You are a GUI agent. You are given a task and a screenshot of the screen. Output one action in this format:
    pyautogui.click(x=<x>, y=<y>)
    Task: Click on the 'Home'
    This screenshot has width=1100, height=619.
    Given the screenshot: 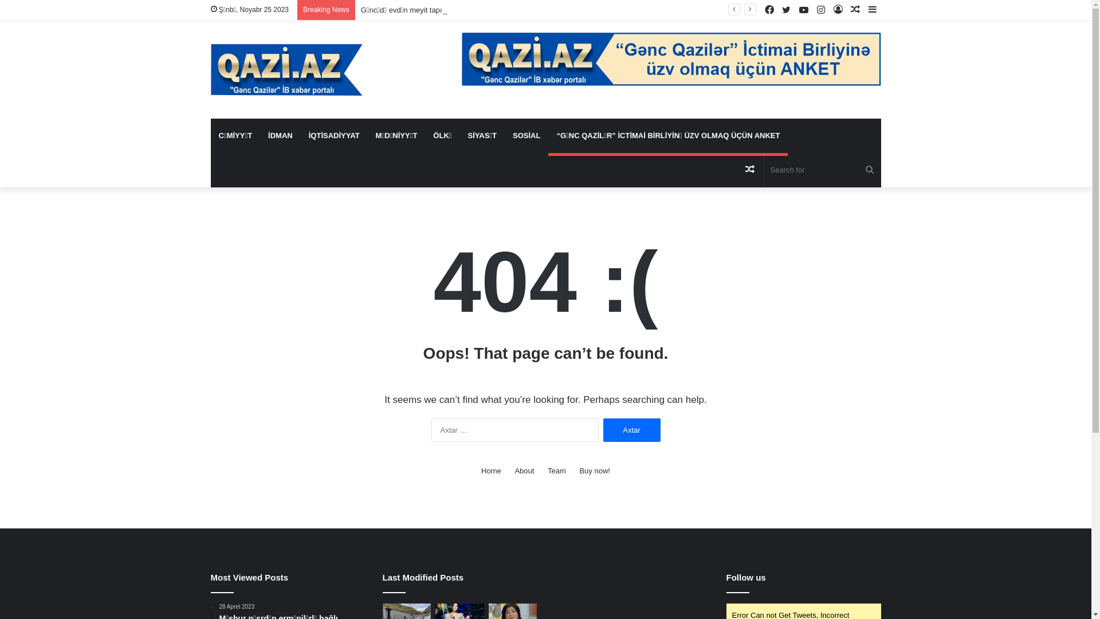 What is the action you would take?
    pyautogui.click(x=481, y=471)
    